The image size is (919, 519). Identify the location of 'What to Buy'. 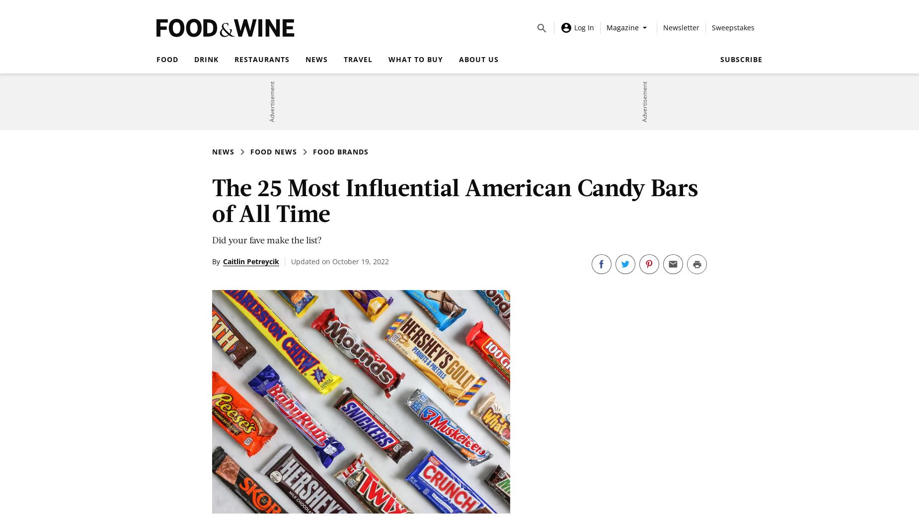
(415, 59).